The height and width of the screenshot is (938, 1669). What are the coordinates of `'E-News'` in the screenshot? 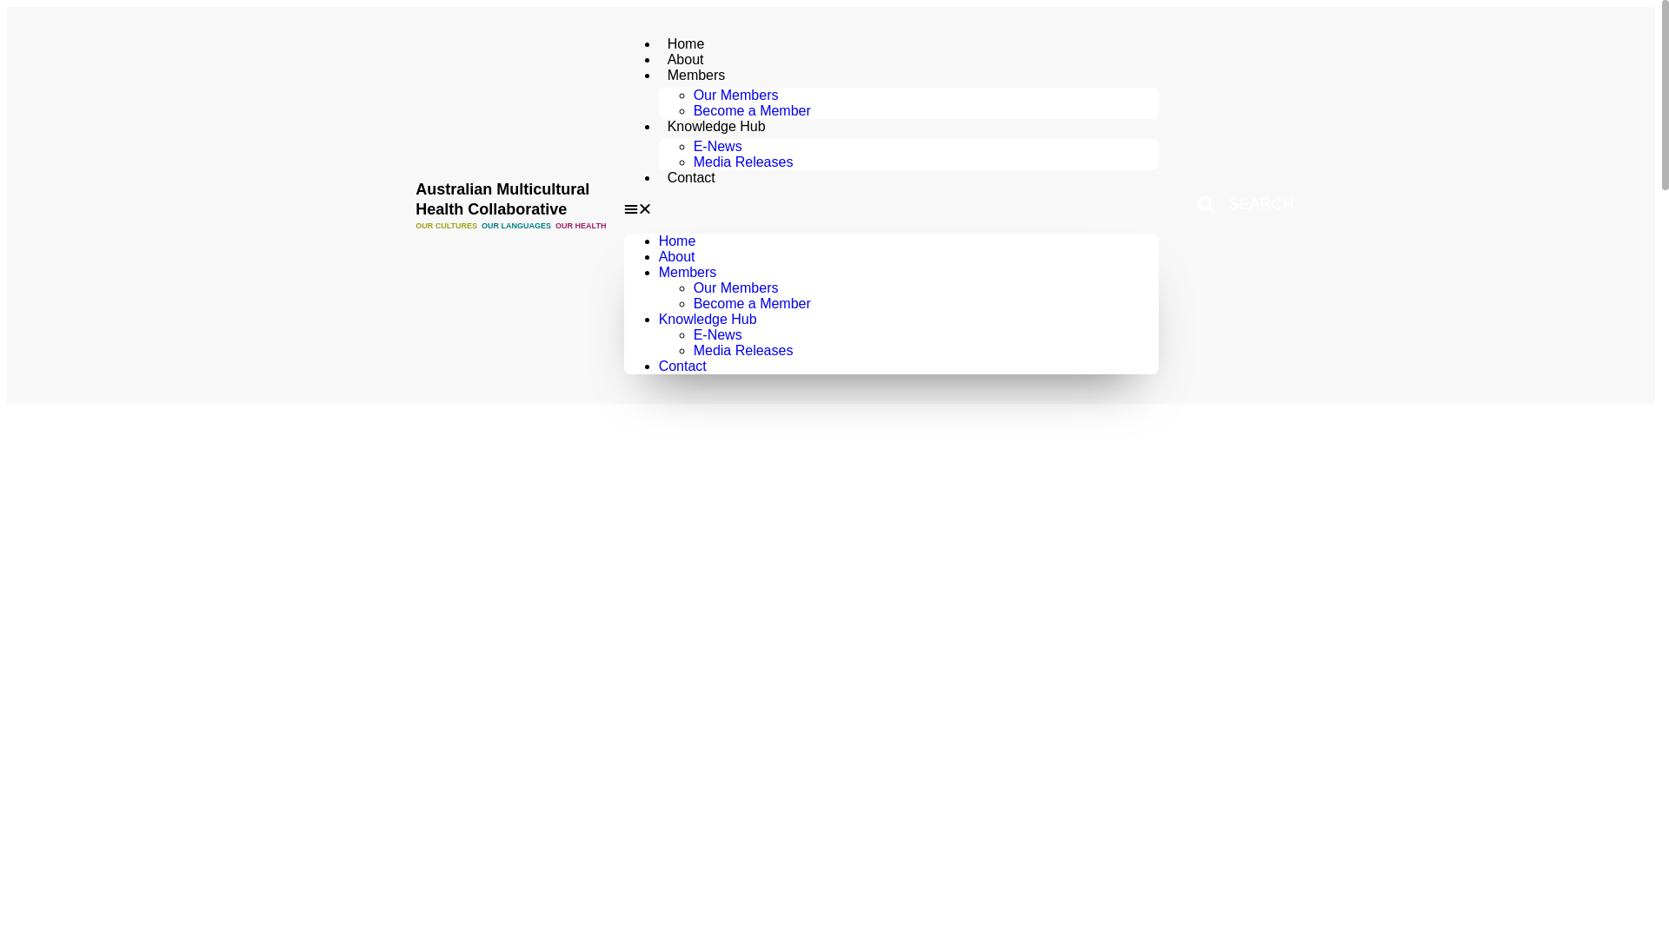 It's located at (717, 145).